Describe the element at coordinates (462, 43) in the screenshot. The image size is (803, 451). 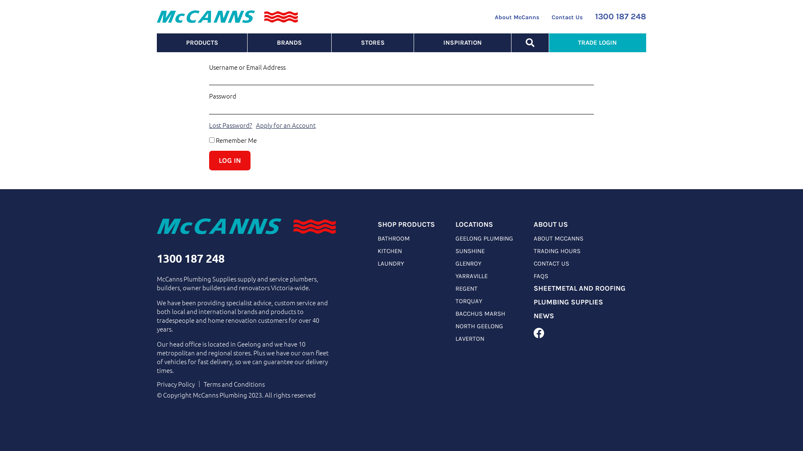
I see `'INSPIRATION'` at that location.